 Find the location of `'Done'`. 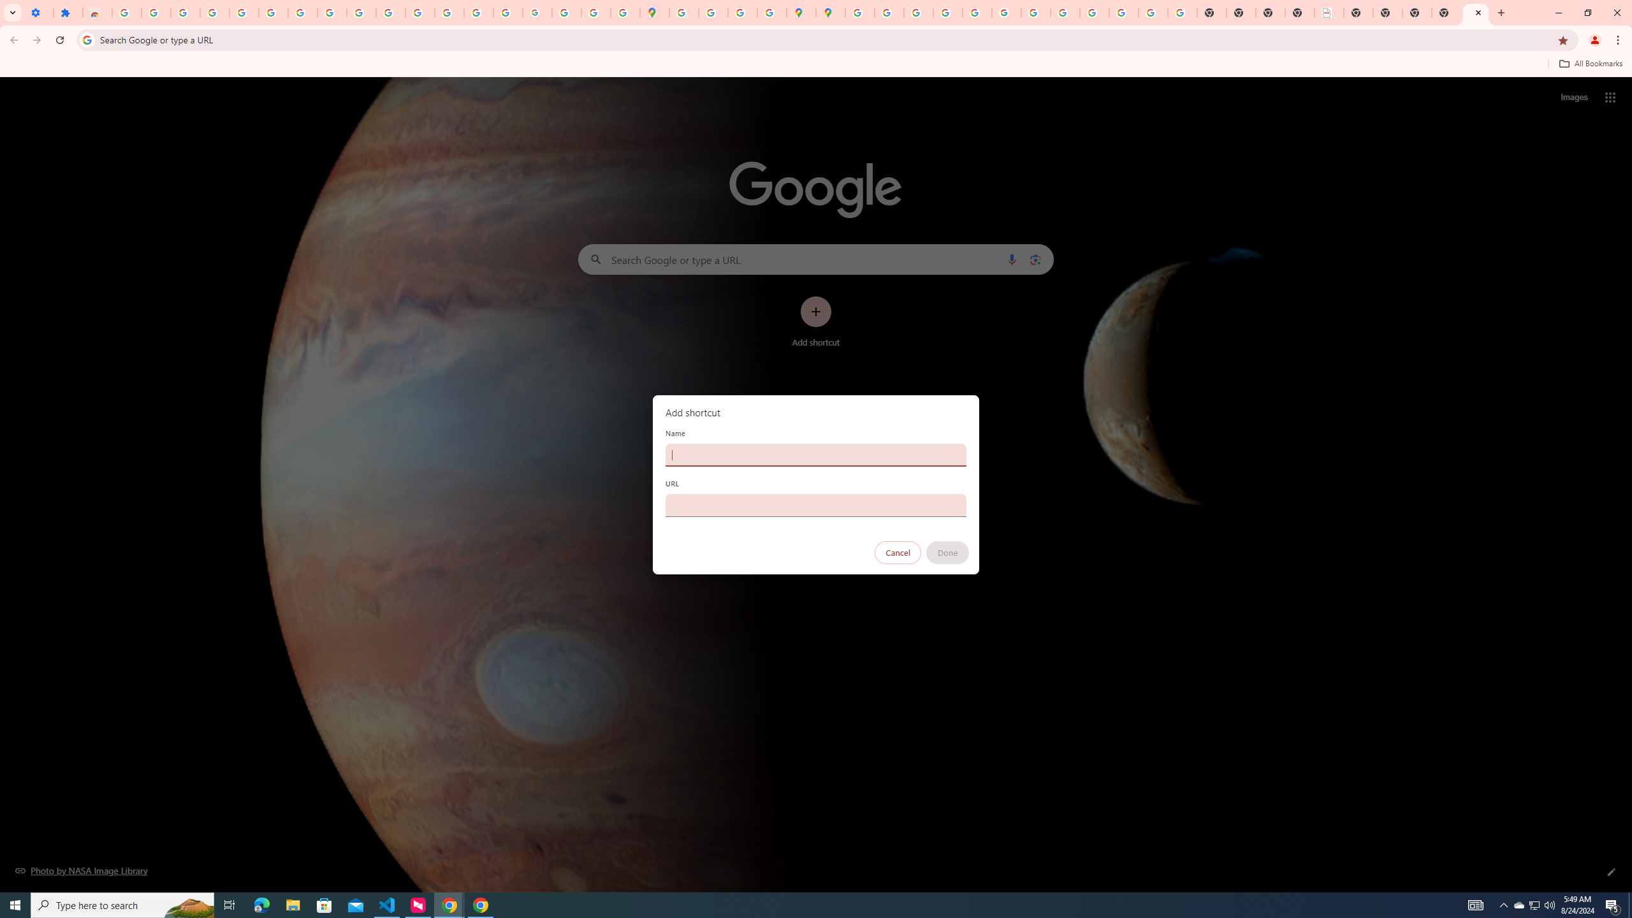

'Done' is located at coordinates (948, 552).